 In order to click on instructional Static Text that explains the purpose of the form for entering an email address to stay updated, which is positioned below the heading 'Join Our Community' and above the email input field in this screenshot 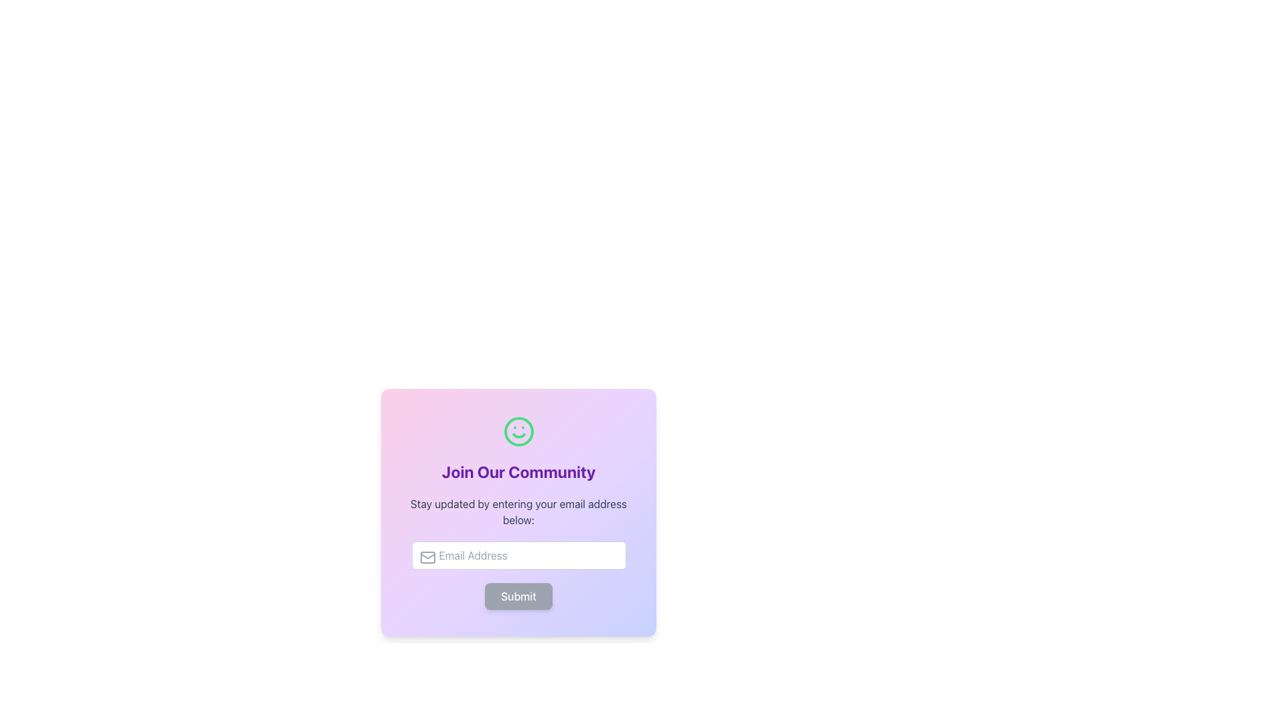, I will do `click(518, 511)`.